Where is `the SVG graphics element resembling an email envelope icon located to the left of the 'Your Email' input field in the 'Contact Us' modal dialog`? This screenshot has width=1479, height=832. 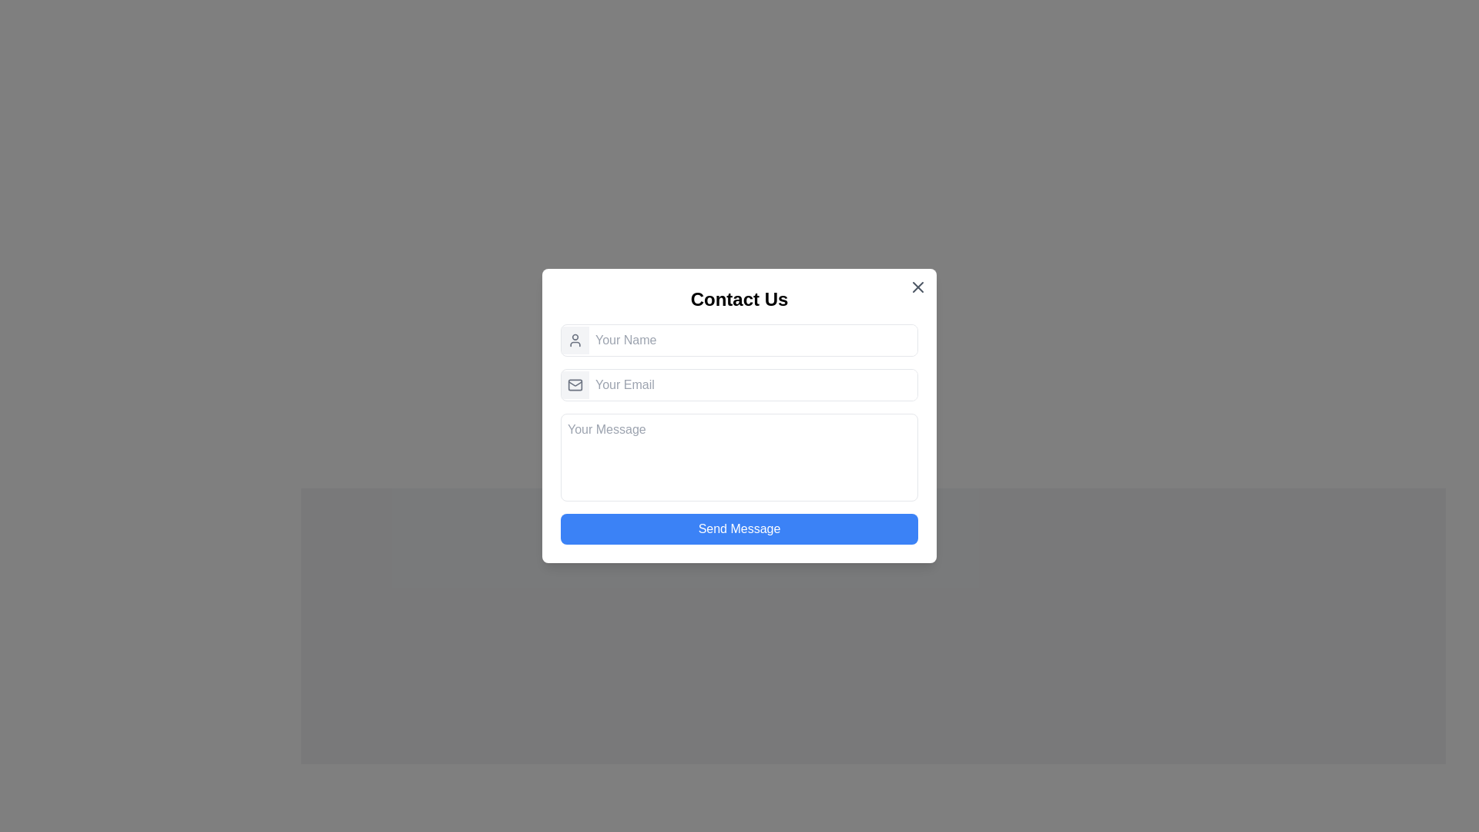 the SVG graphics element resembling an email envelope icon located to the left of the 'Your Email' input field in the 'Contact Us' modal dialog is located at coordinates (575, 384).